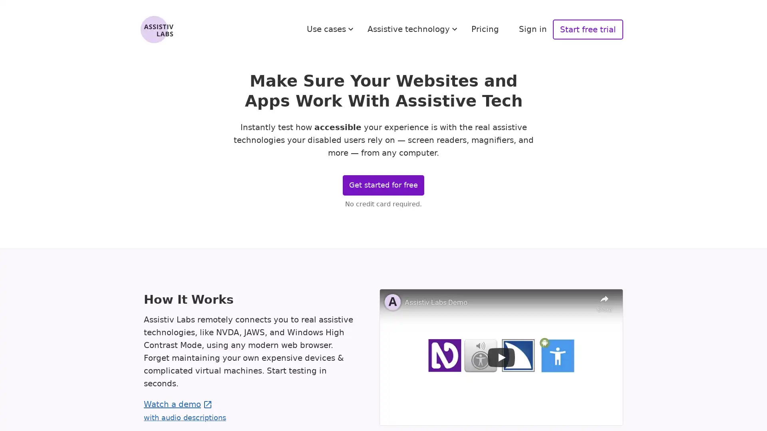 This screenshot has height=431, width=767. What do you see at coordinates (331, 29) in the screenshot?
I see `Use cases` at bounding box center [331, 29].